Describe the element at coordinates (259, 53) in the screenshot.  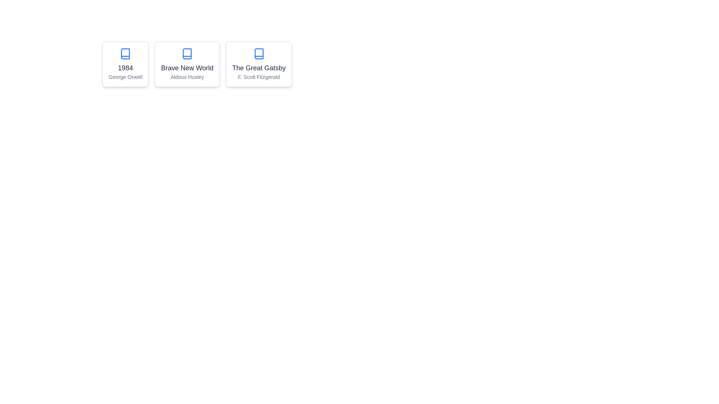
I see `the SVG graphic element representing the book icon for 'The Great Gatsby,' which is located at the center of the tile for the third item in a horizontal list of books` at that location.